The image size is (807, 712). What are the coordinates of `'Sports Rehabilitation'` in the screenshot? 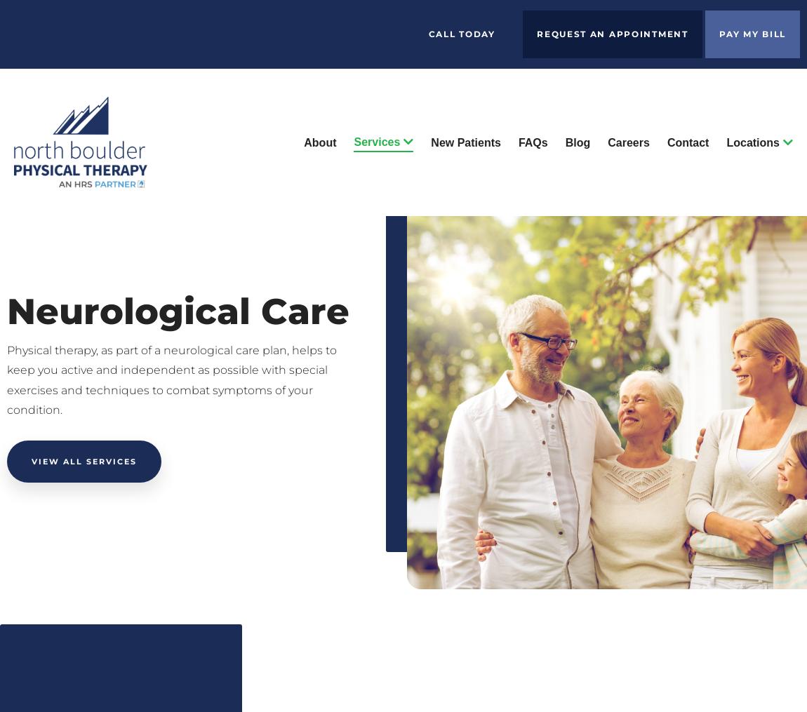 It's located at (291, 243).